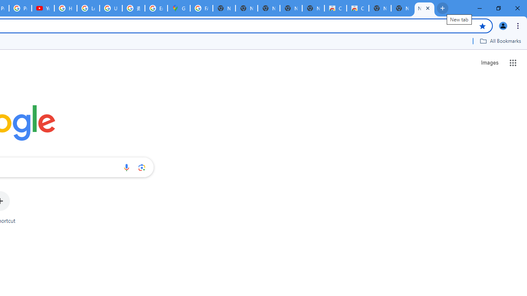 Image resolution: width=527 pixels, height=296 pixels. Describe the element at coordinates (65, 8) in the screenshot. I see `'How Chrome protects your passwords - Google Chrome Help'` at that location.